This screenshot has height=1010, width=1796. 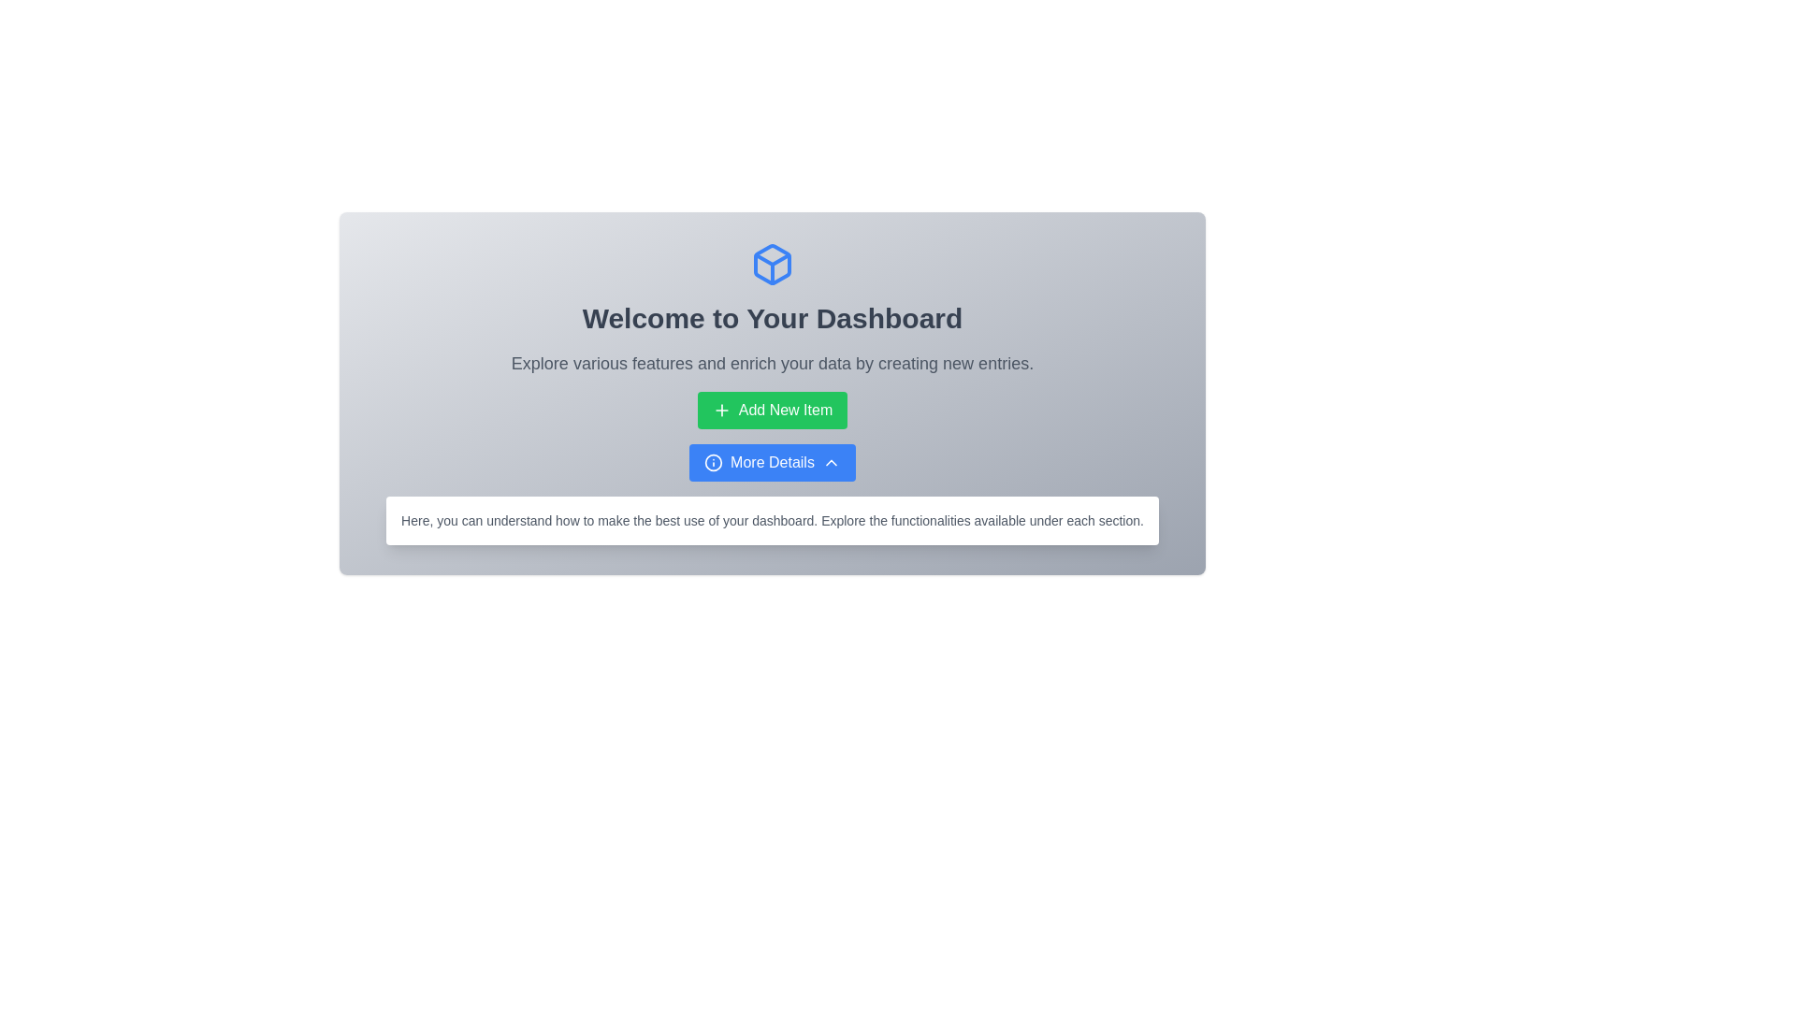 I want to click on the plus (+) icon located within the green rectangular 'Add New Item' button, which is centrally aligned on the dashboard, so click(x=720, y=410).